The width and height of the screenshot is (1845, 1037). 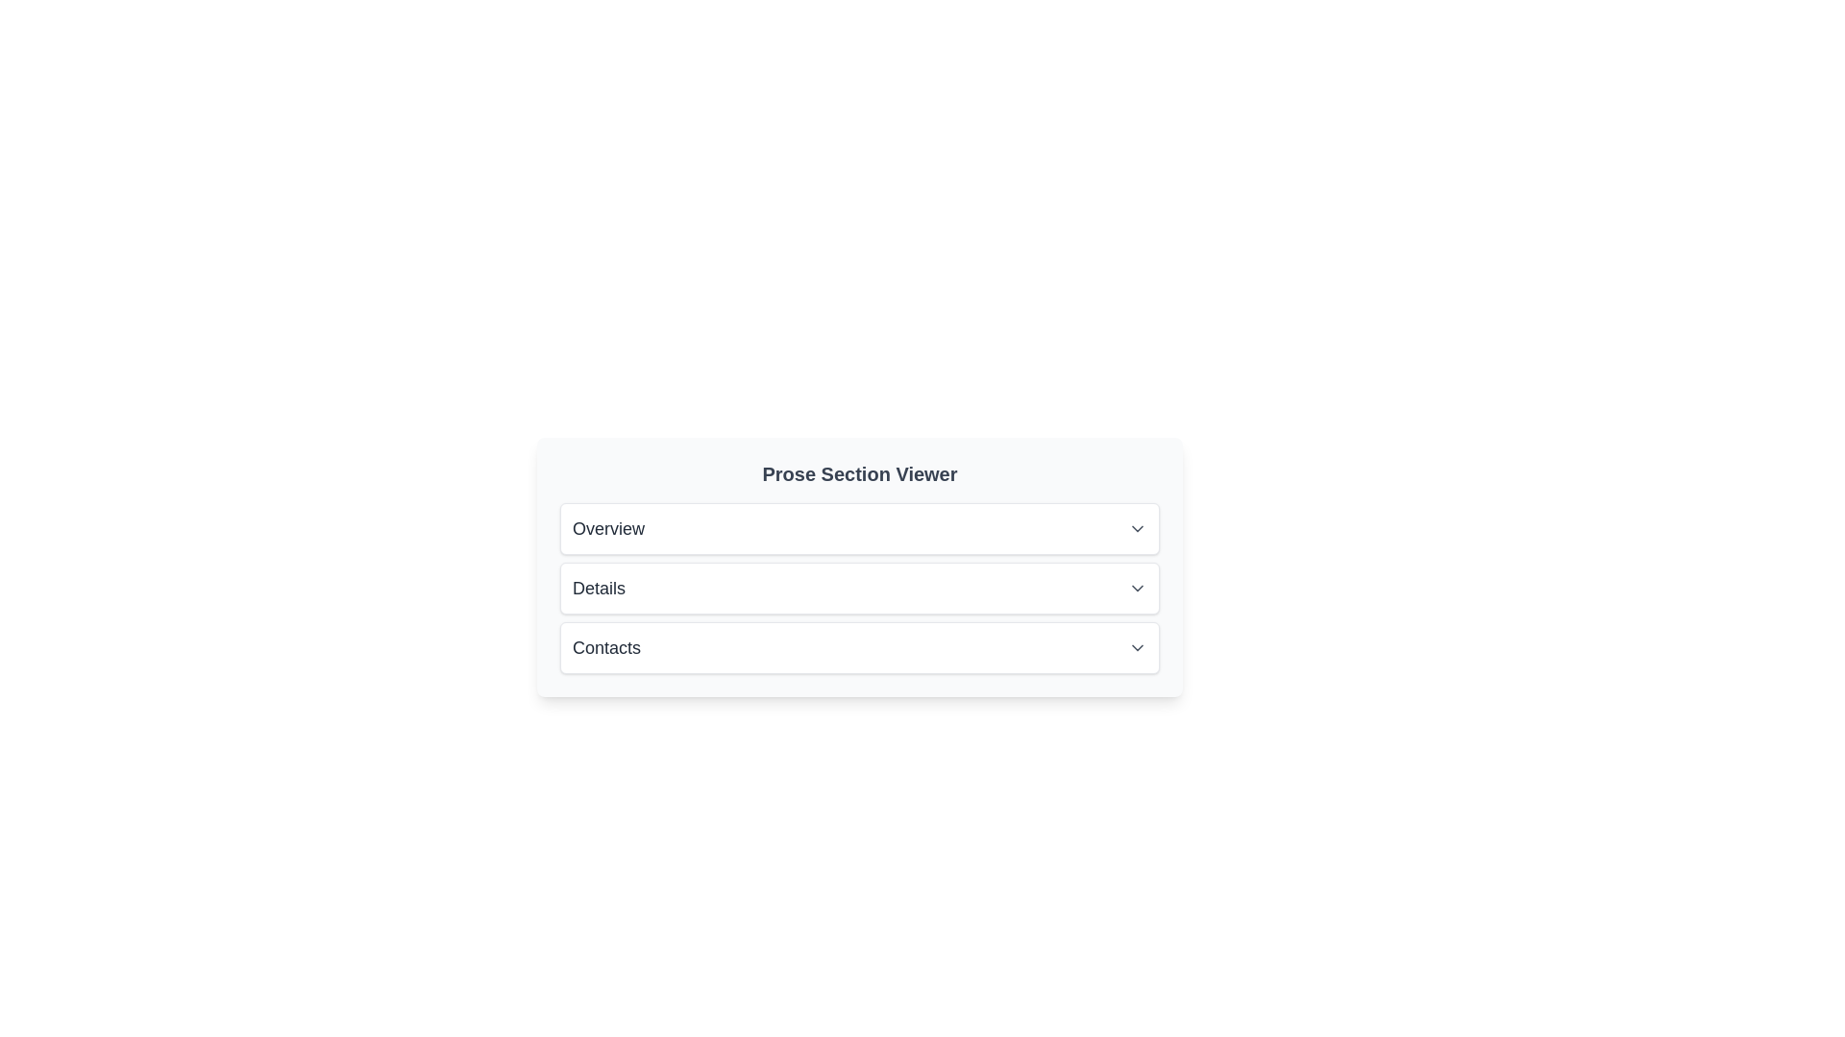 What do you see at coordinates (607, 529) in the screenshot?
I see `the text label displaying the word 'Overview' located in the header area of the expandable section, positioned above a chevron icon` at bounding box center [607, 529].